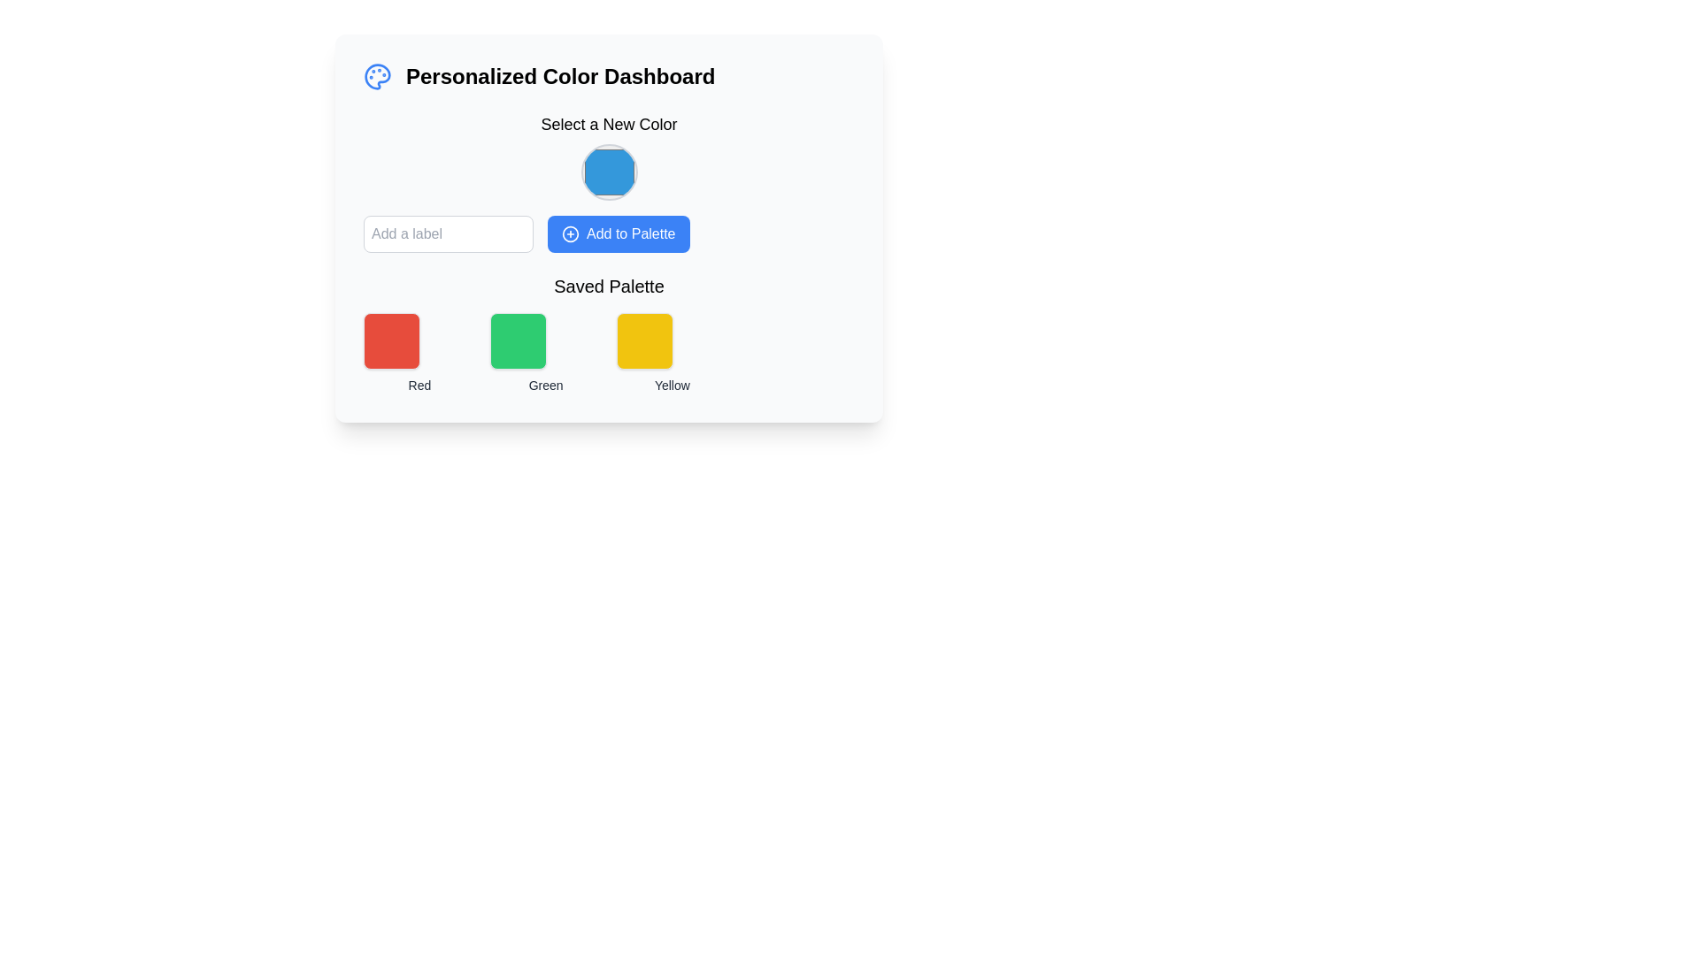  What do you see at coordinates (609, 76) in the screenshot?
I see `text displayed in the Header with Icon and Text at the top of the centered rectangular panel` at bounding box center [609, 76].